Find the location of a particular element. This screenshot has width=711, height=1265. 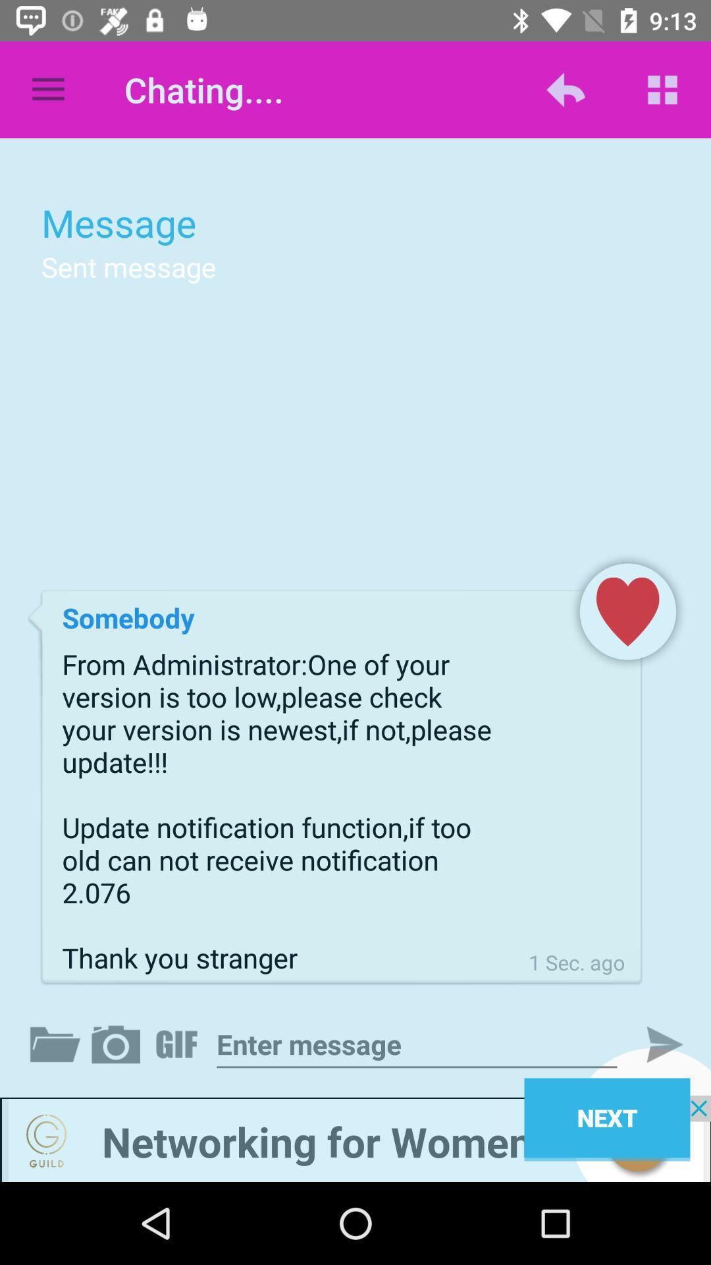

visit advertised website is located at coordinates (355, 1138).